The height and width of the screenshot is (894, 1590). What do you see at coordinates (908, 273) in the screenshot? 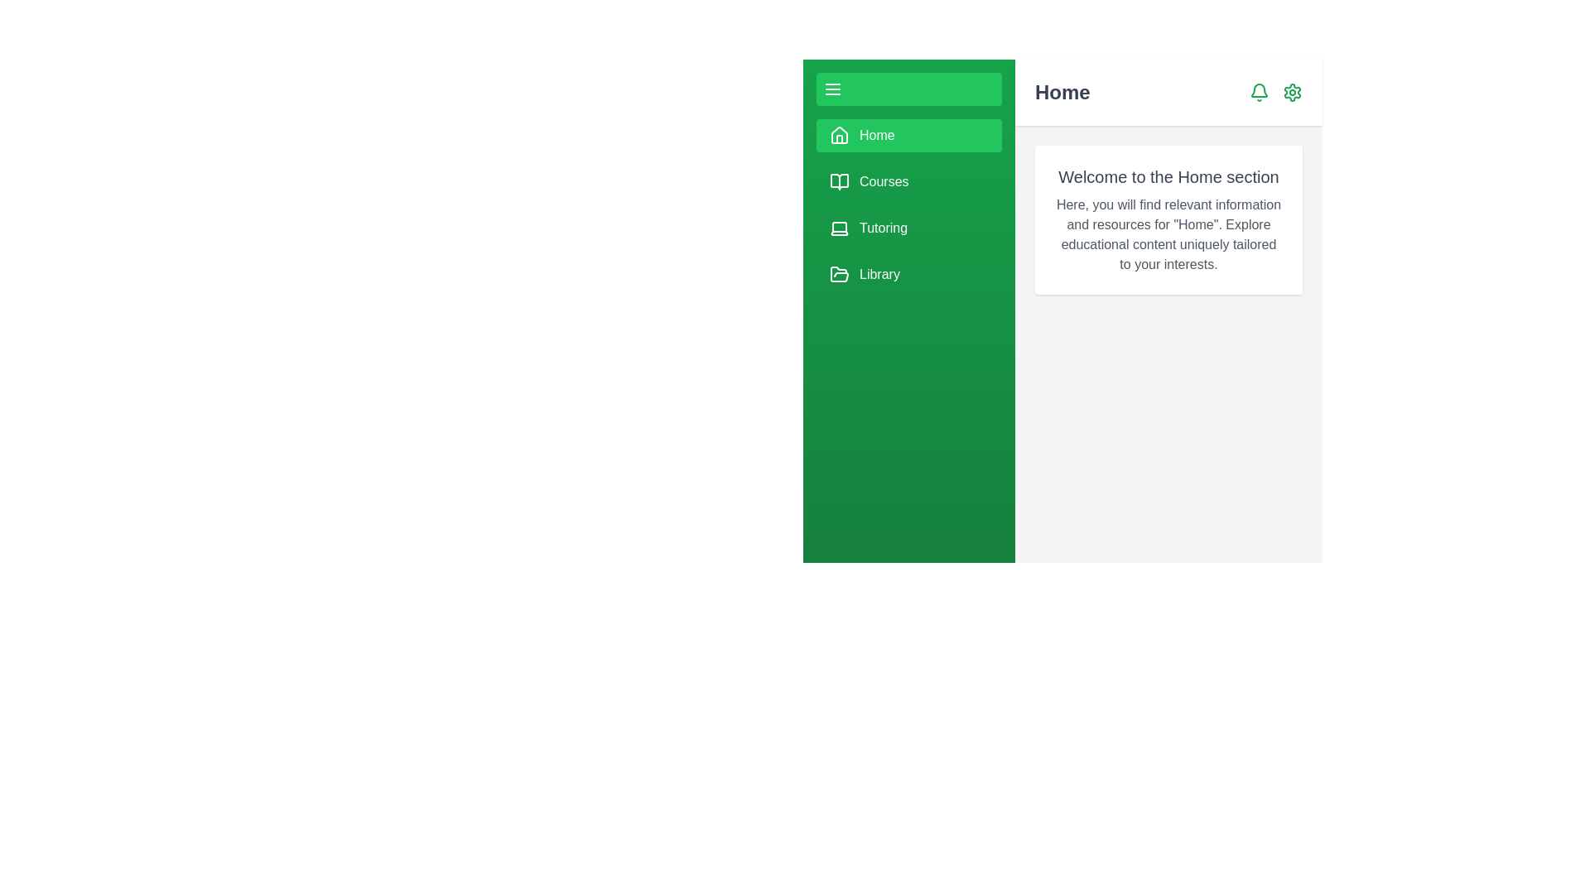
I see `the 'Library' button, which is the fourth item in the vertical navigation menu on the left side` at bounding box center [908, 273].